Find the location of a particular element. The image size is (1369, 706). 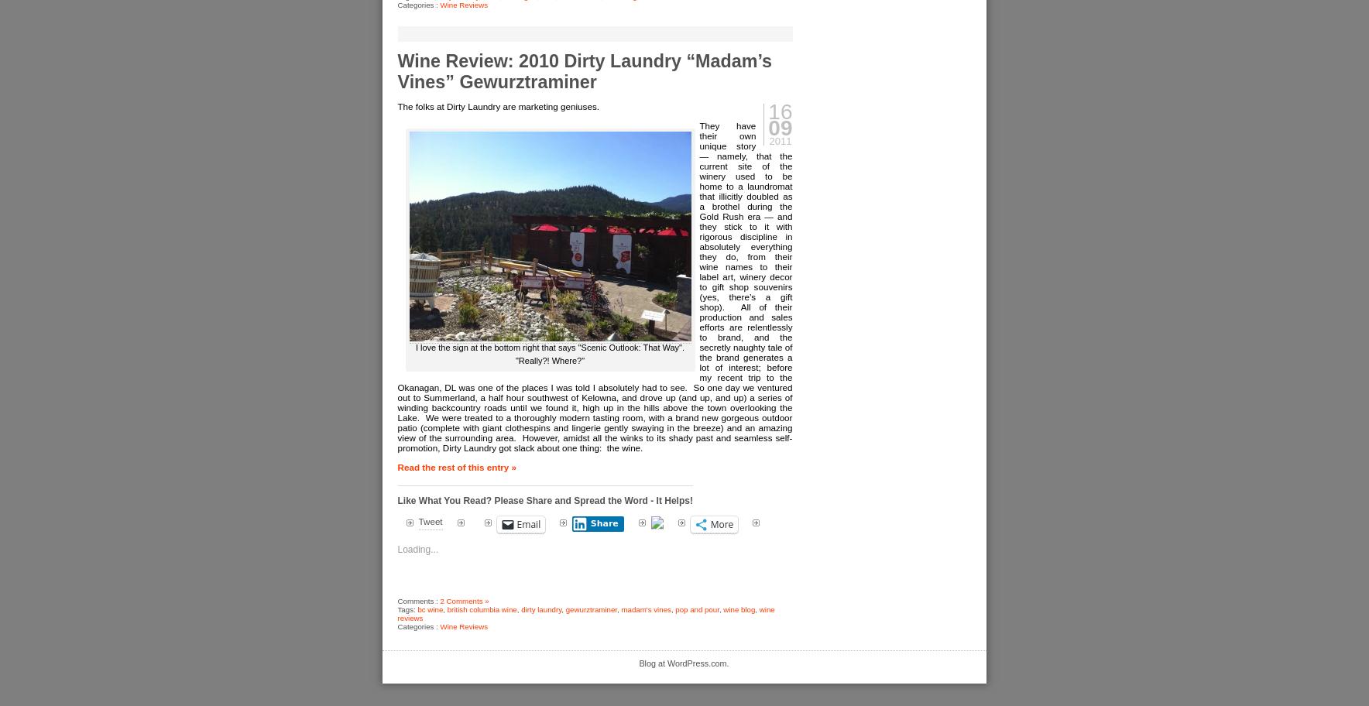

'pop and pour' is located at coordinates (695, 609).